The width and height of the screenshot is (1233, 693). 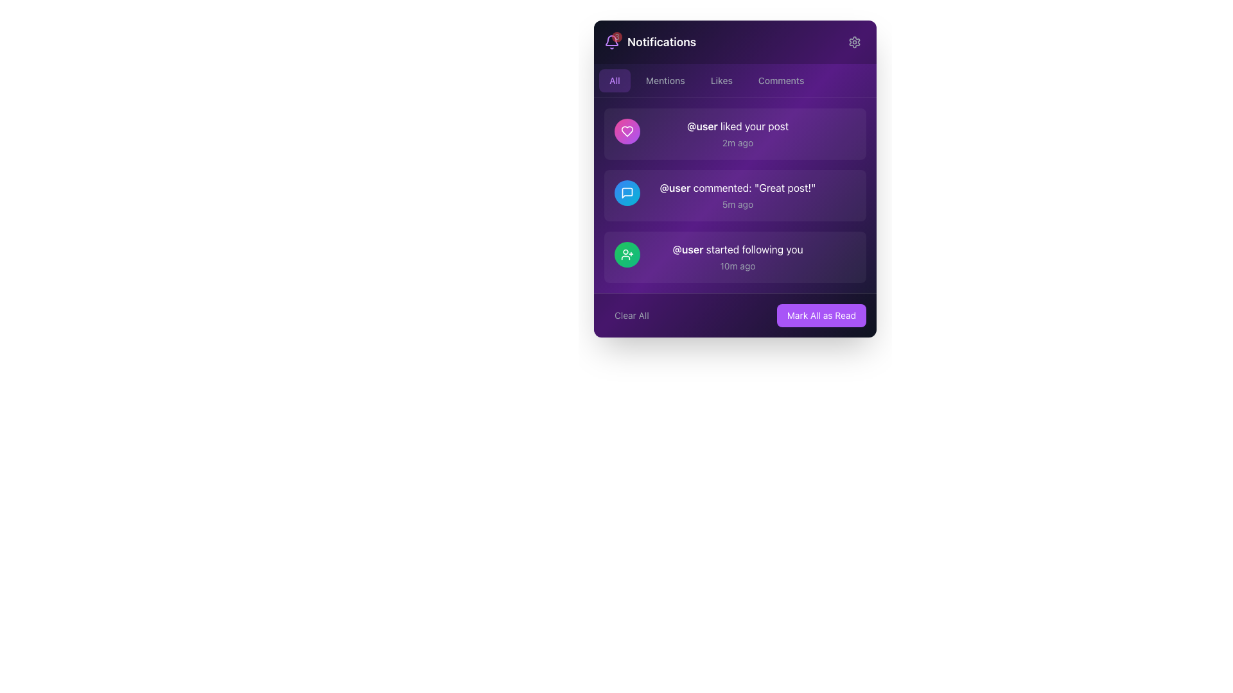 What do you see at coordinates (737, 133) in the screenshot?
I see `the notification text block displaying '@user liked your post' in bold, which is the primary text of the first notification card in the notification panel` at bounding box center [737, 133].